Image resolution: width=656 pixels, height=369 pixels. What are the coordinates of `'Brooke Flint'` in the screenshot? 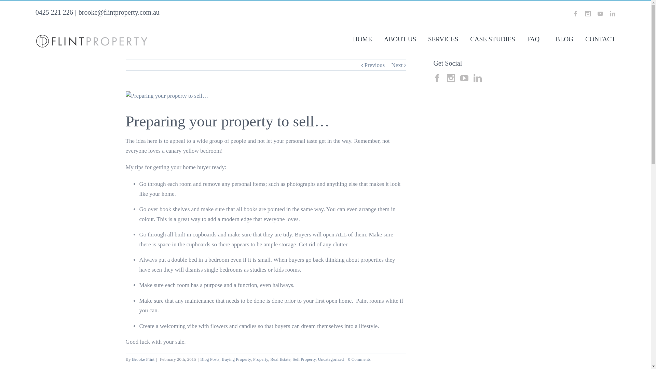 It's located at (142, 359).